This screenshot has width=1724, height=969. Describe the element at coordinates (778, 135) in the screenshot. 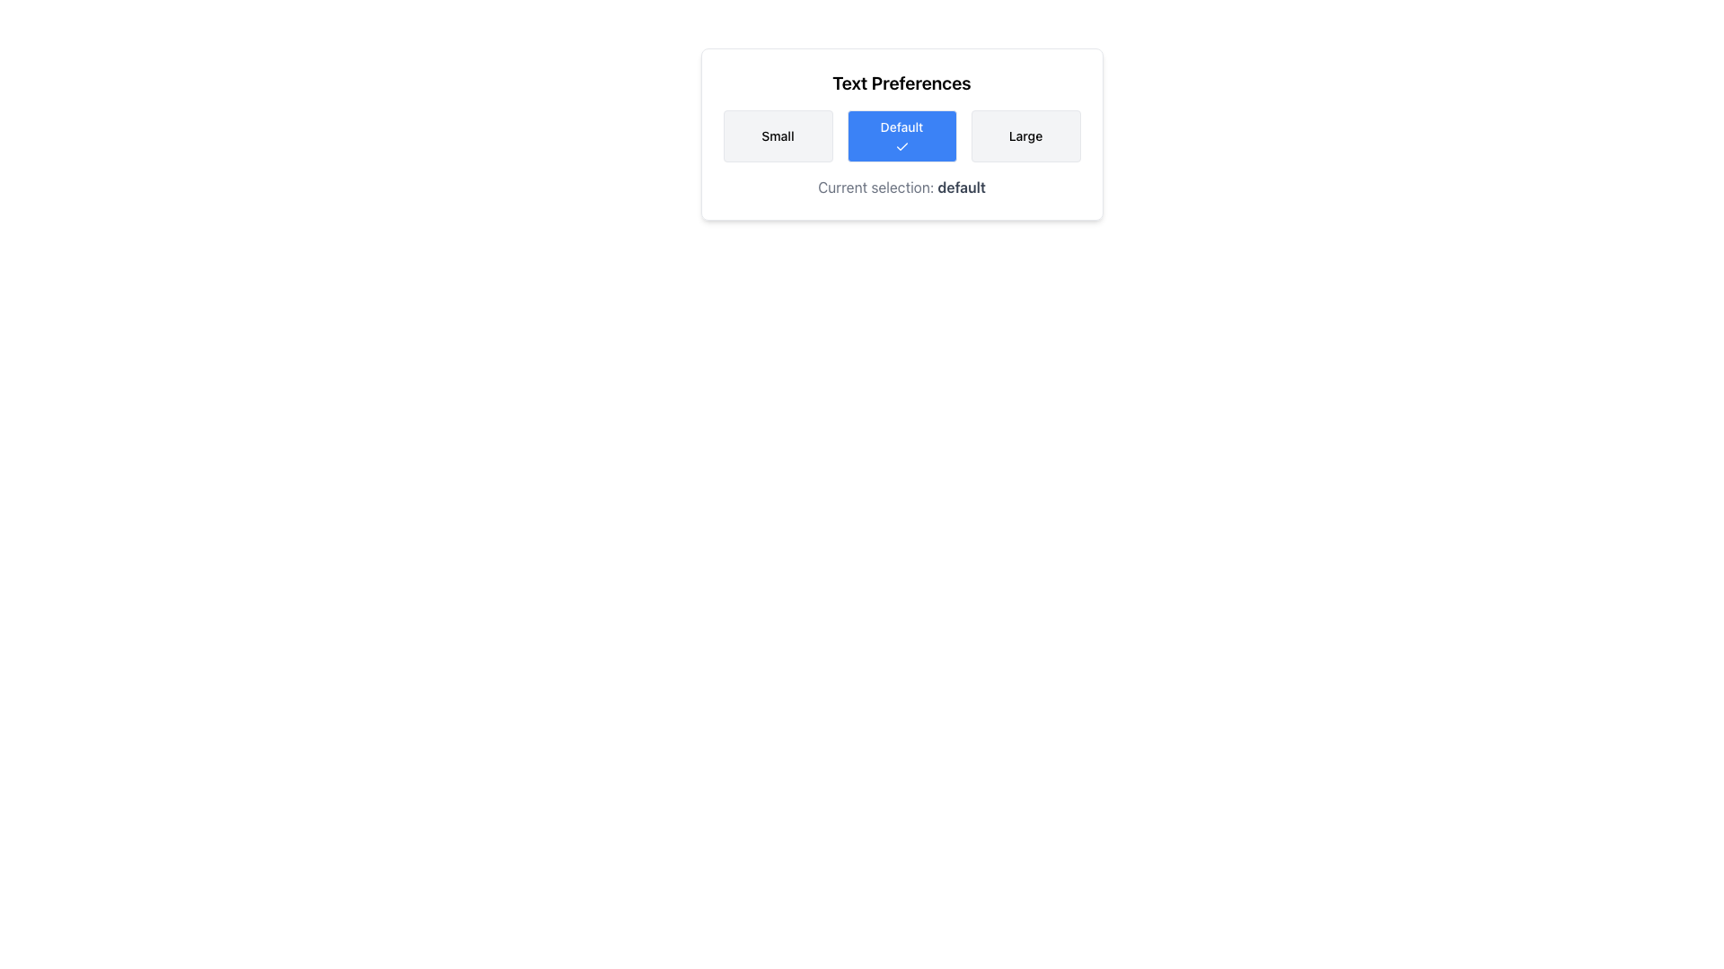

I see `the text label indicating a smaller text size option, which is centrally located within a rectangular button on the left side of the row of three buttons labeled 'Default' and 'Large', below the heading 'Text Preferences'` at that location.